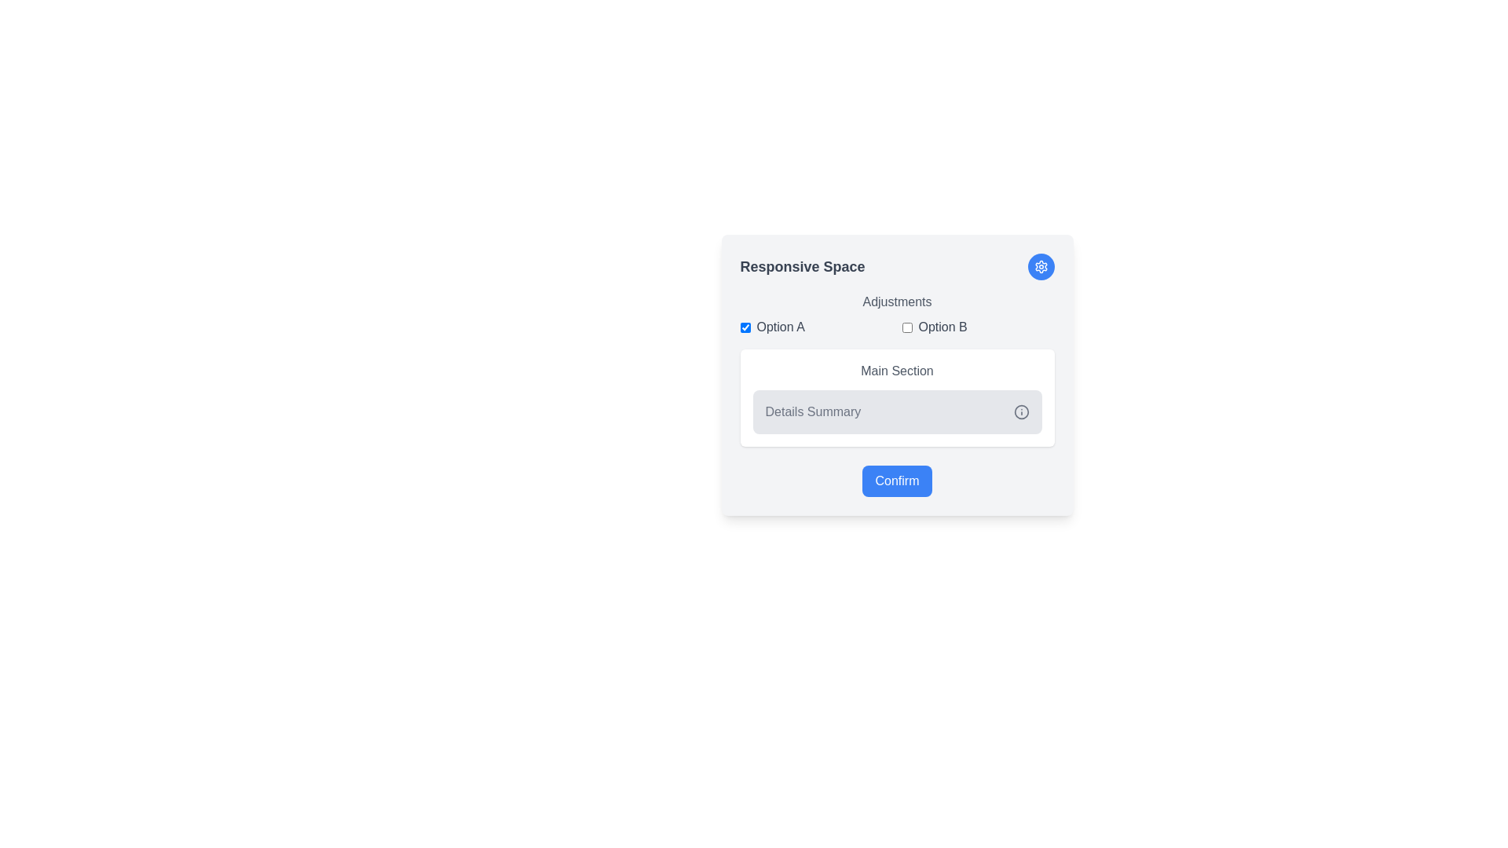 This screenshot has height=848, width=1508. I want to click on the 'Option B' checkbox element, so click(977, 326).